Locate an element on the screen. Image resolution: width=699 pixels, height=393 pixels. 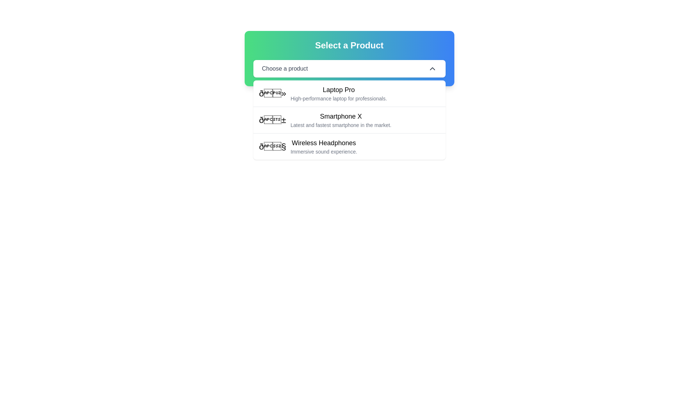
the downward-facing chevron-shaped dropdown arrow icon located at the far right end of the 'Choose a product' input field to identify its reactive state is located at coordinates (432, 69).